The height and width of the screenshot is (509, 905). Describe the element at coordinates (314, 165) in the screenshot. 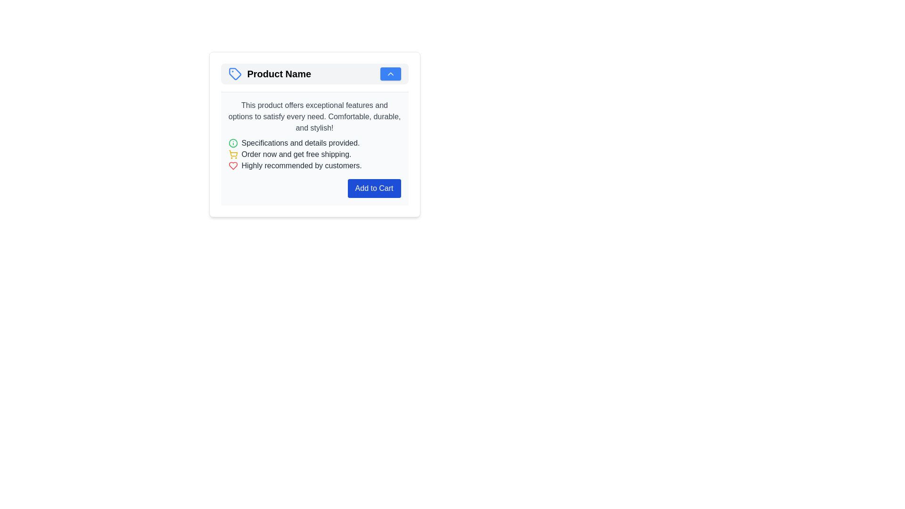

I see `the text with icon that indicates product popularity, located at the bottom of the recommendations list, directly below 'Order now and get free shipping.'` at that location.